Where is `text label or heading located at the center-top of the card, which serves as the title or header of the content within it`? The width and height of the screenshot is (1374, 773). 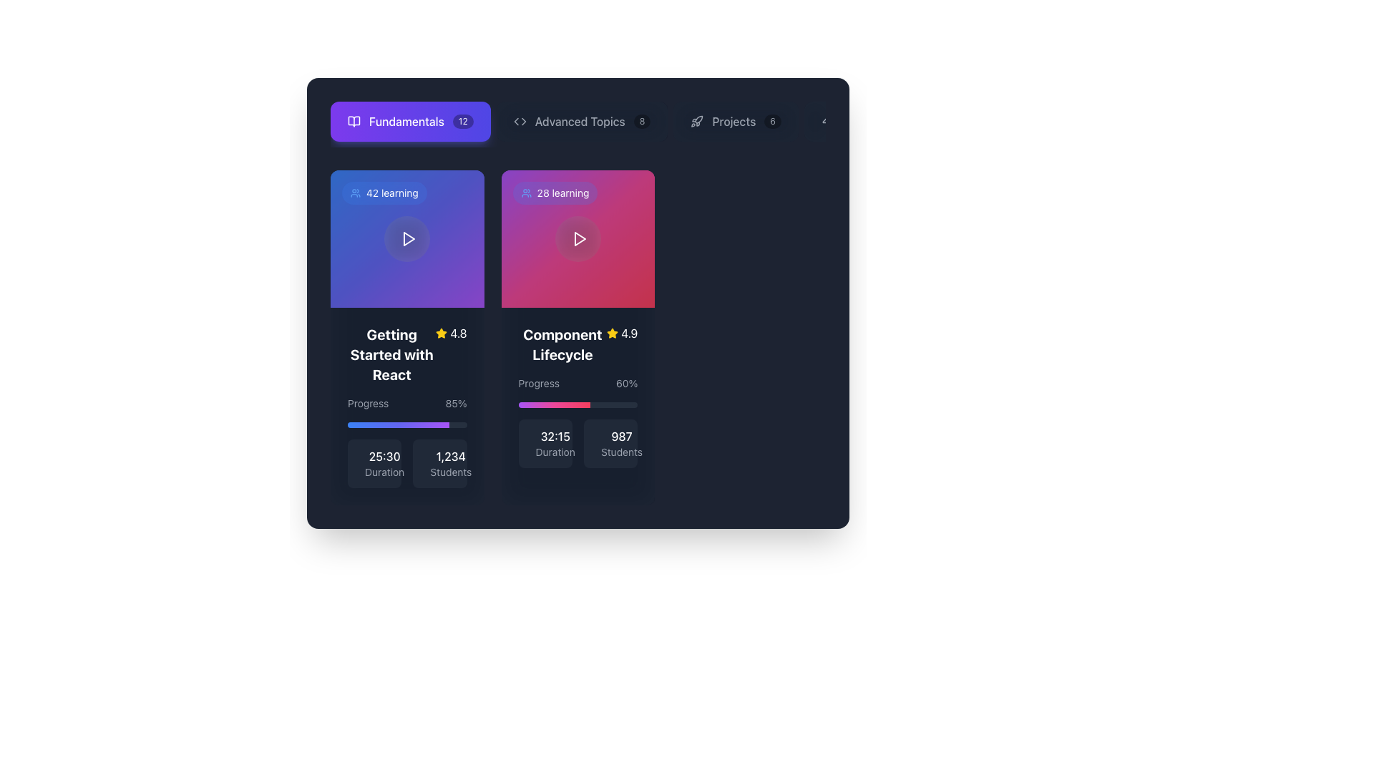 text label or heading located at the center-top of the card, which serves as the title or header of the content within it is located at coordinates (562, 345).